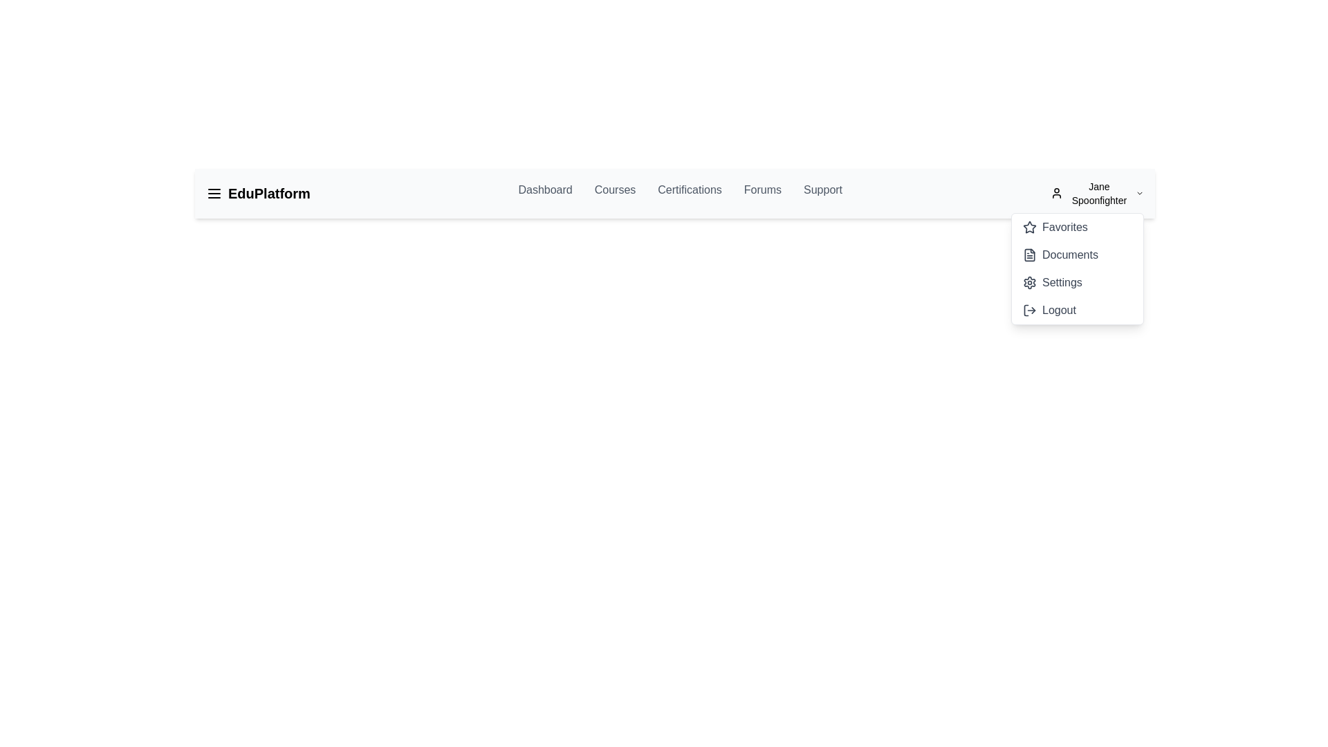 The height and width of the screenshot is (747, 1328). I want to click on the 'Favorites' menu item, which is the first item in the vertical menu popup below the profile section, indicated by a star icon and gray text, so click(1054, 226).